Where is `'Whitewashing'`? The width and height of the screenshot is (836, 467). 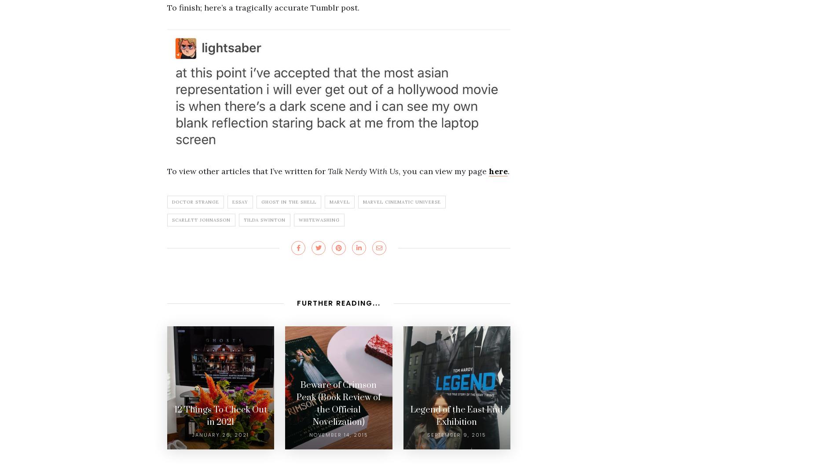 'Whitewashing' is located at coordinates (319, 219).